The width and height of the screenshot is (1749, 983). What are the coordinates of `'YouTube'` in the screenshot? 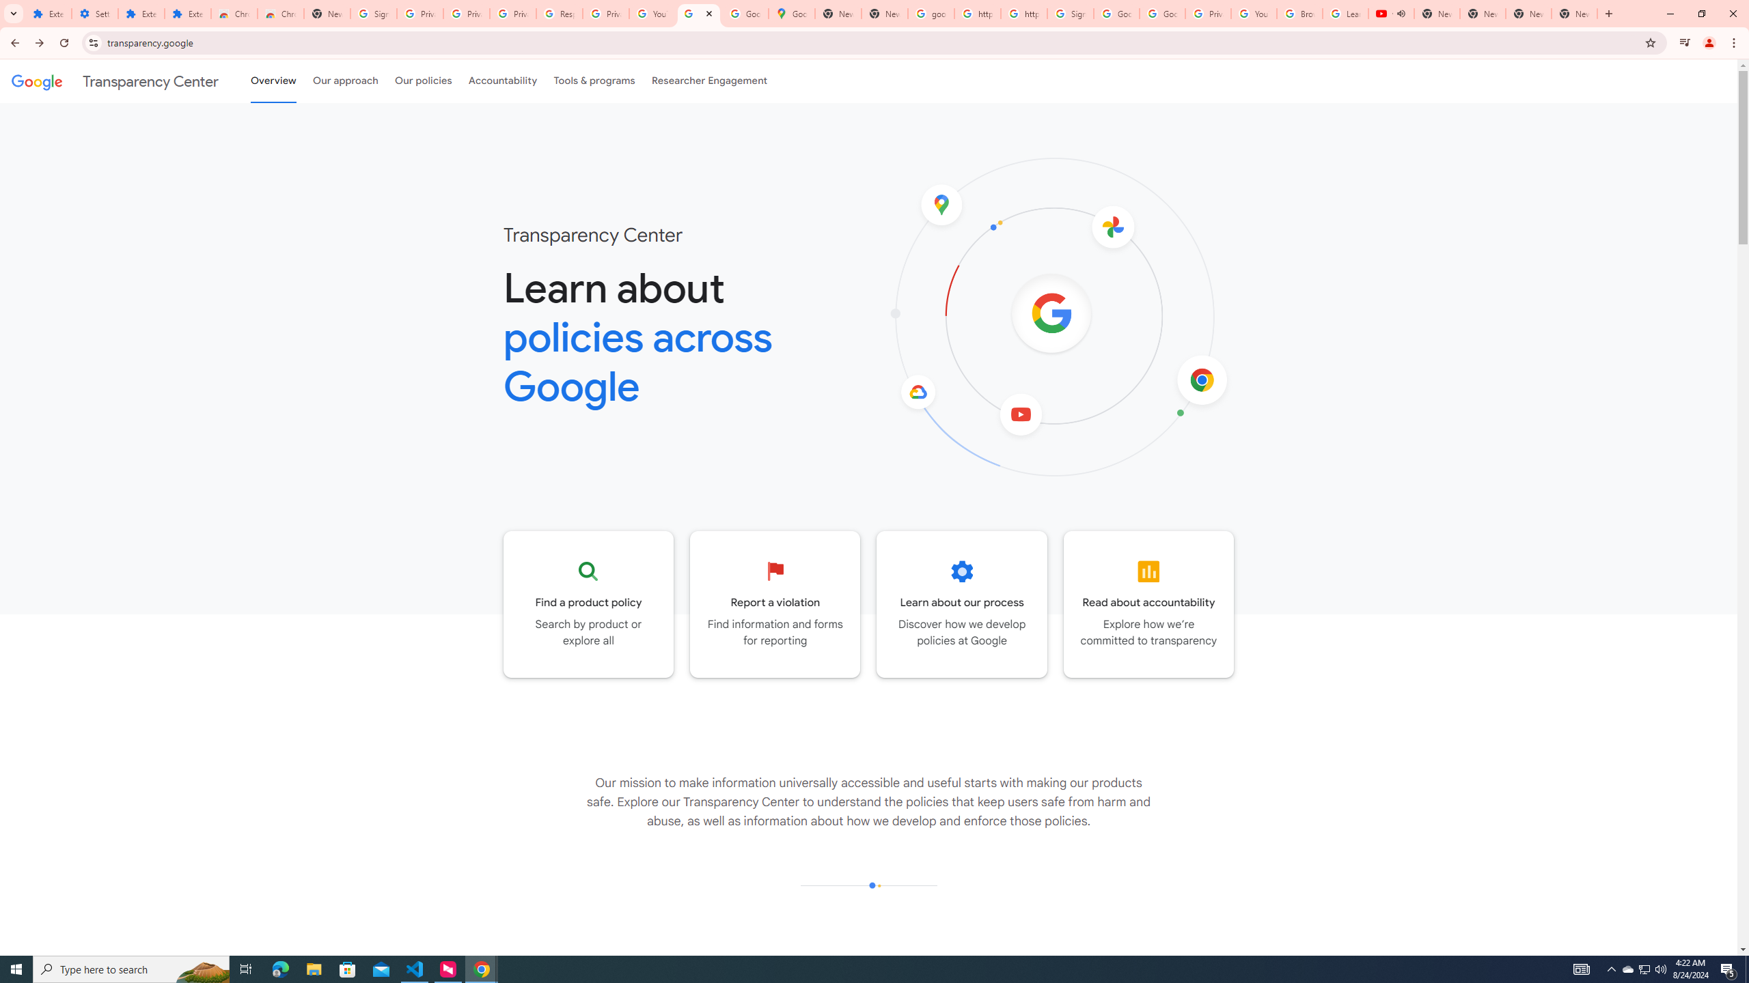 It's located at (1253, 13).